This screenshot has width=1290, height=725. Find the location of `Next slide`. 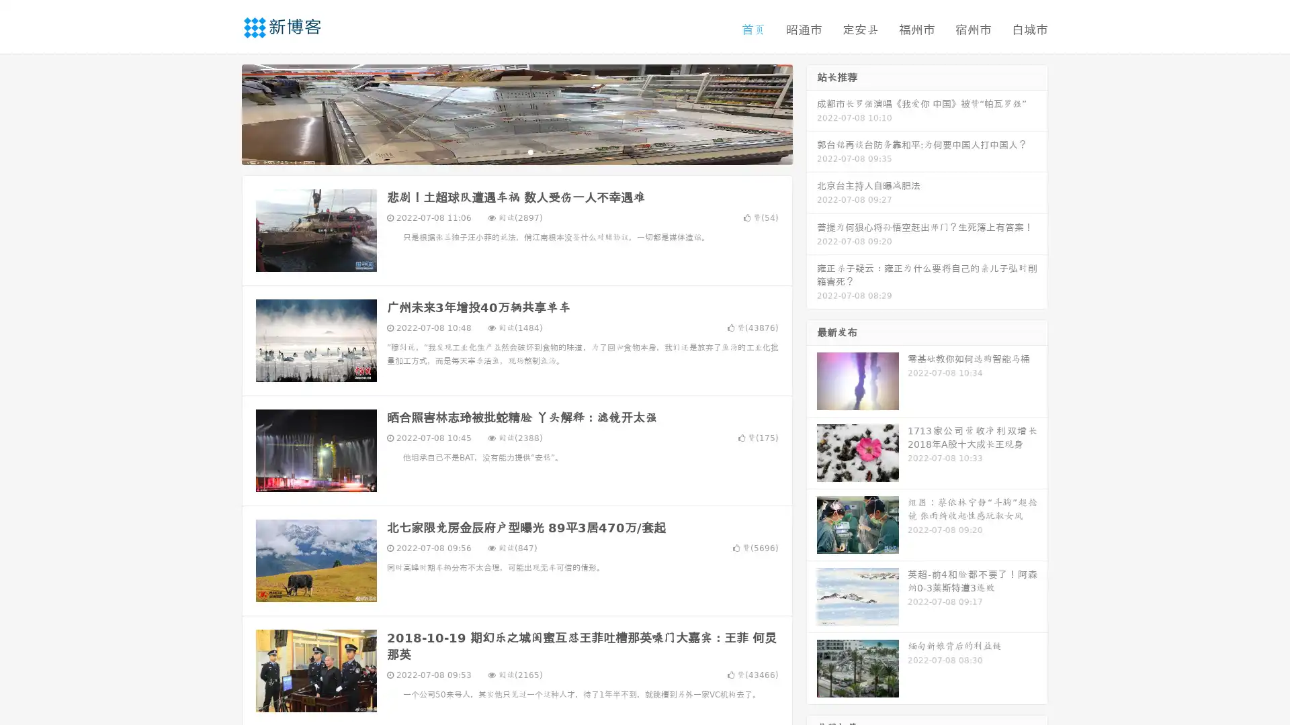

Next slide is located at coordinates (812, 113).